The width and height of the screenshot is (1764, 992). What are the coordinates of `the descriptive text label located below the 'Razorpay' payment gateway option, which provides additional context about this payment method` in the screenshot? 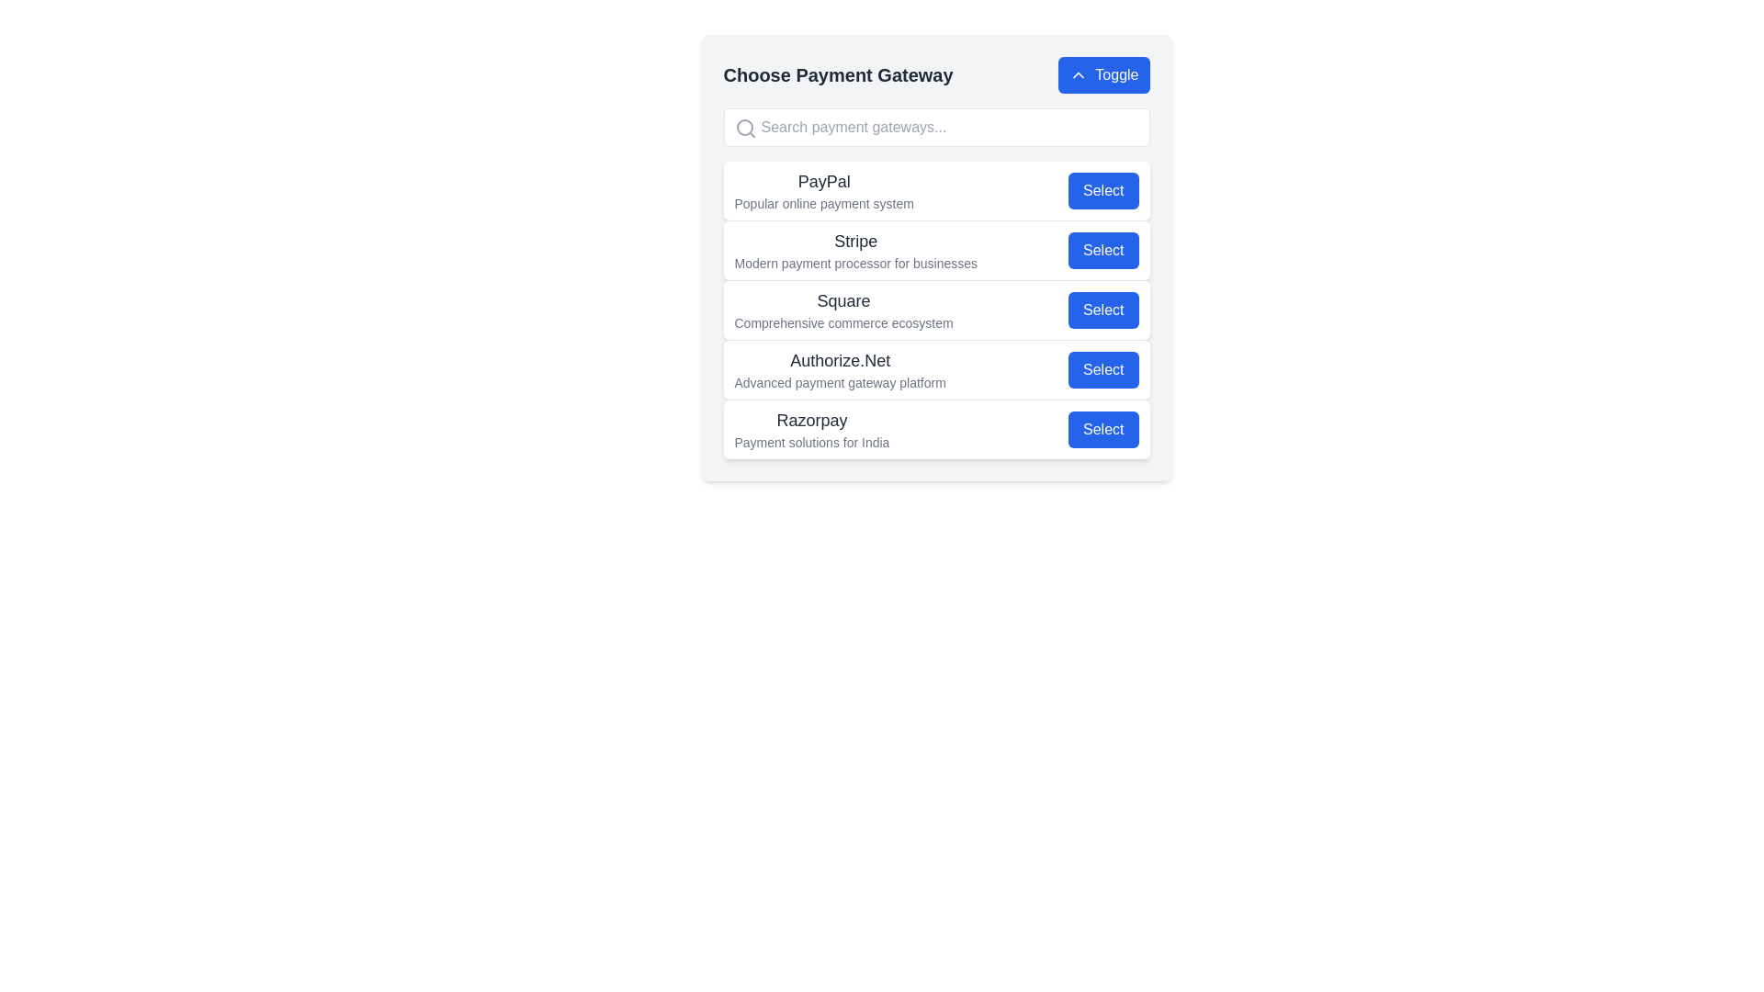 It's located at (810, 443).